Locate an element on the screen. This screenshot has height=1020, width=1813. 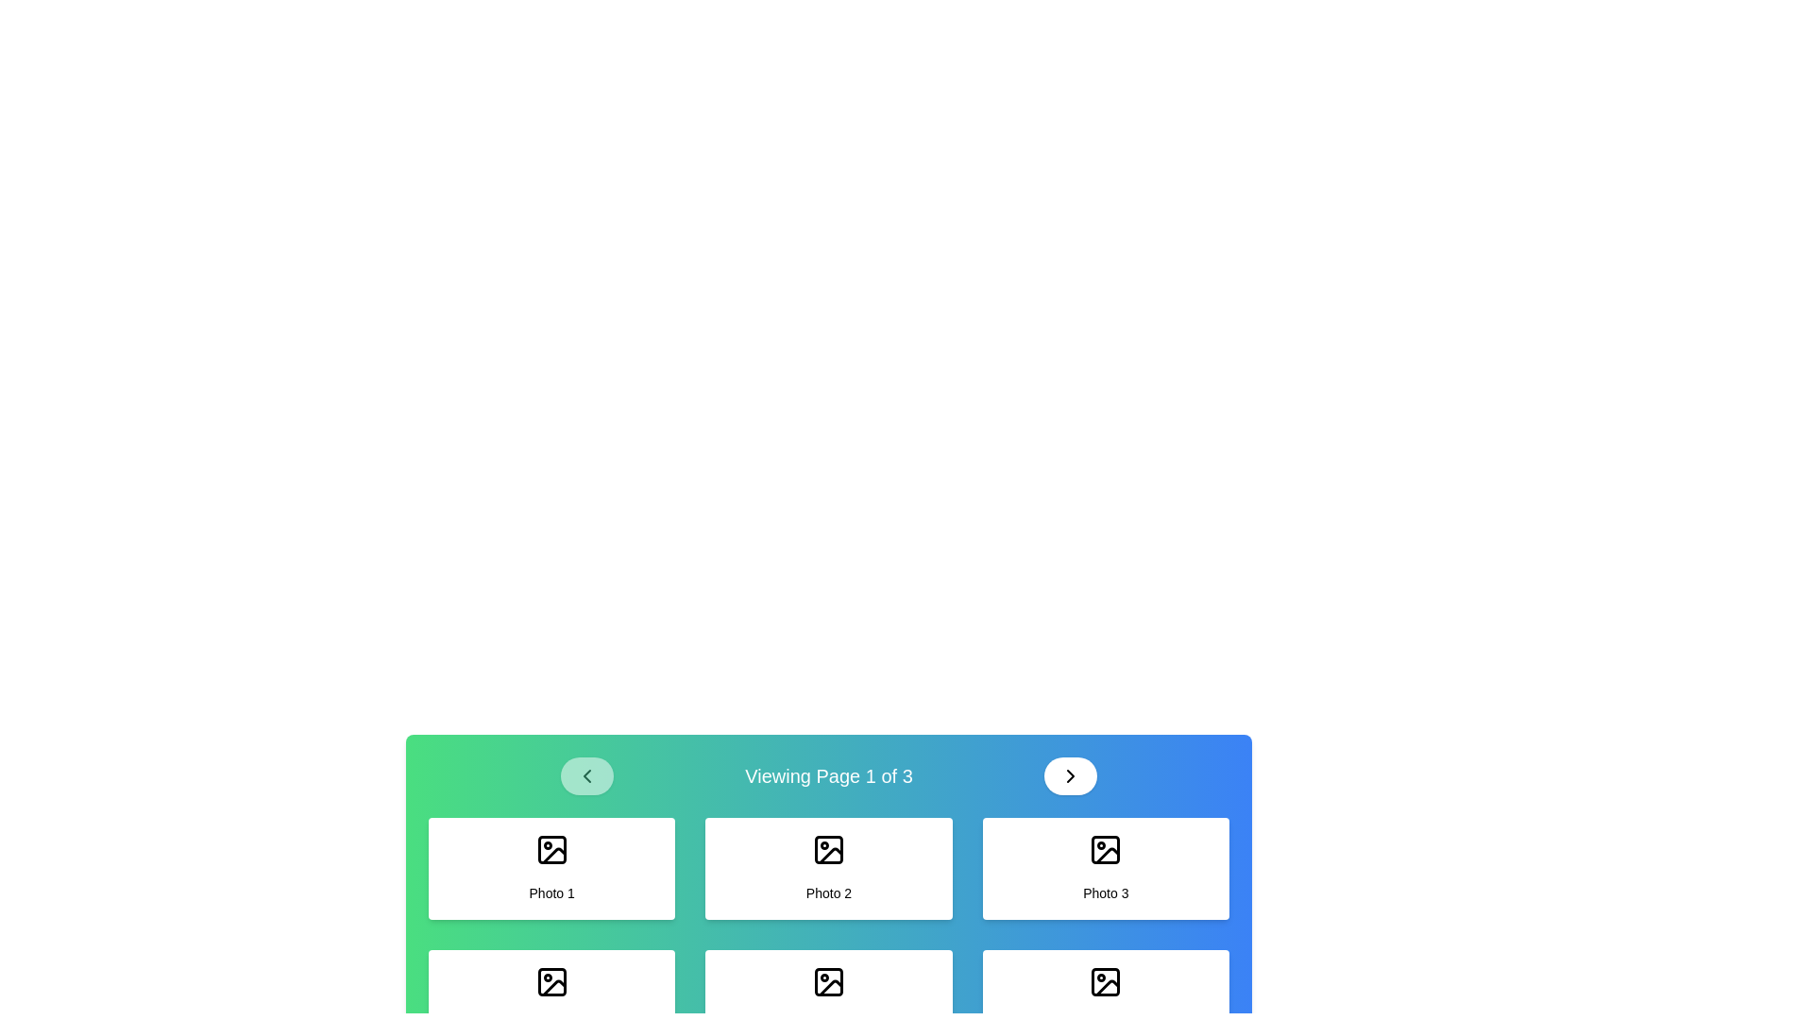
the Text Label located within the 'Photo 3' card, which provides information about the associated image above it is located at coordinates (1106, 892).